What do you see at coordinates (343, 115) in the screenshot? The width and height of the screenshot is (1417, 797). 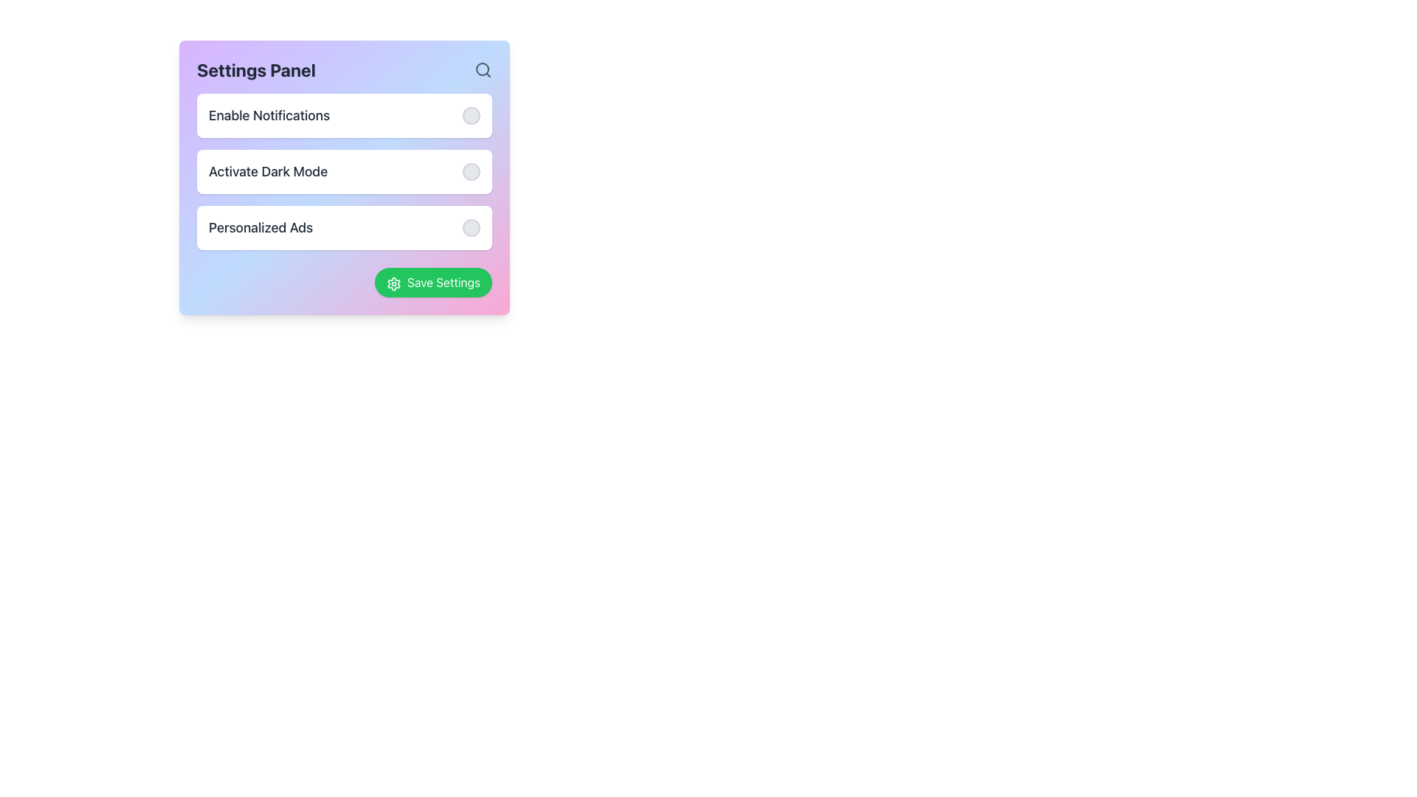 I see `the toggle switch for 'Enable Notifications' located in the settings panel` at bounding box center [343, 115].